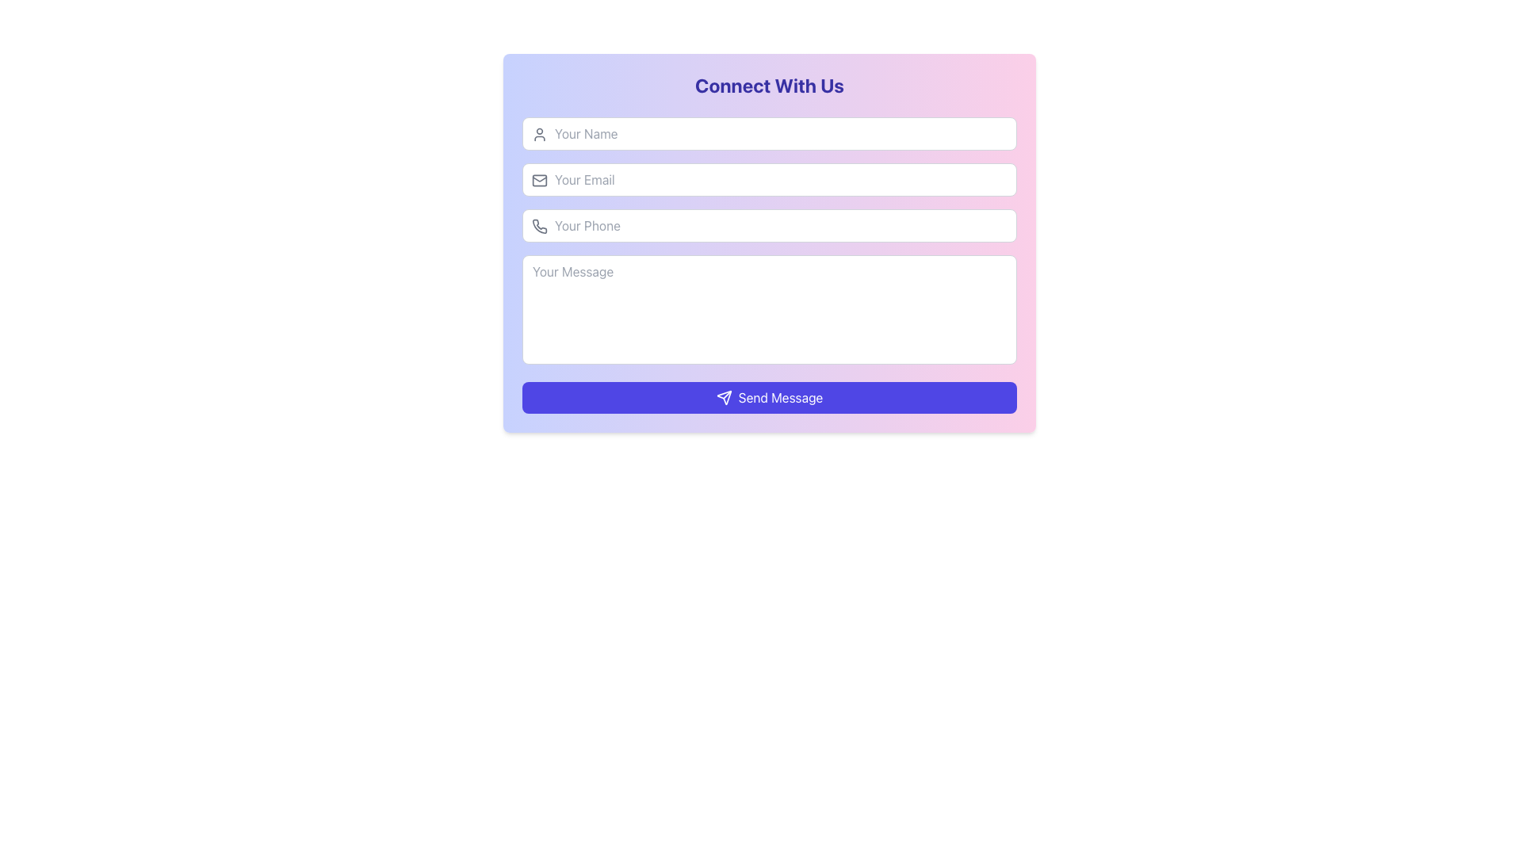  Describe the element at coordinates (540, 226) in the screenshot. I see `the phone number input field icon located at the top-left corner of the 'Your Phone' text input field in the contact form` at that location.